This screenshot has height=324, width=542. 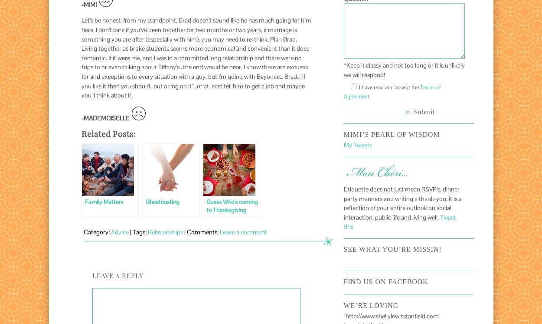 What do you see at coordinates (357, 87) in the screenshot?
I see `'I have read and accept the'` at bounding box center [357, 87].